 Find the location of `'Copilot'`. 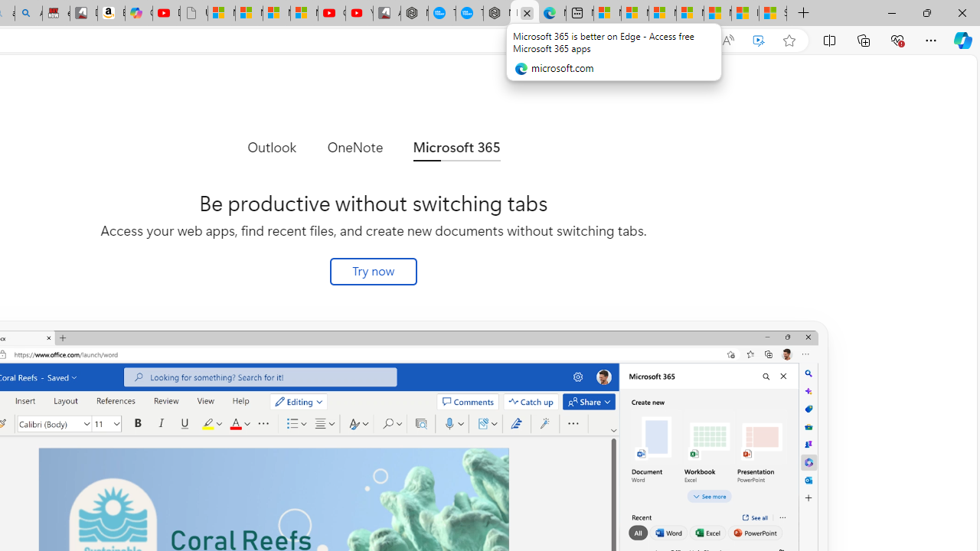

'Copilot' is located at coordinates (139, 13).